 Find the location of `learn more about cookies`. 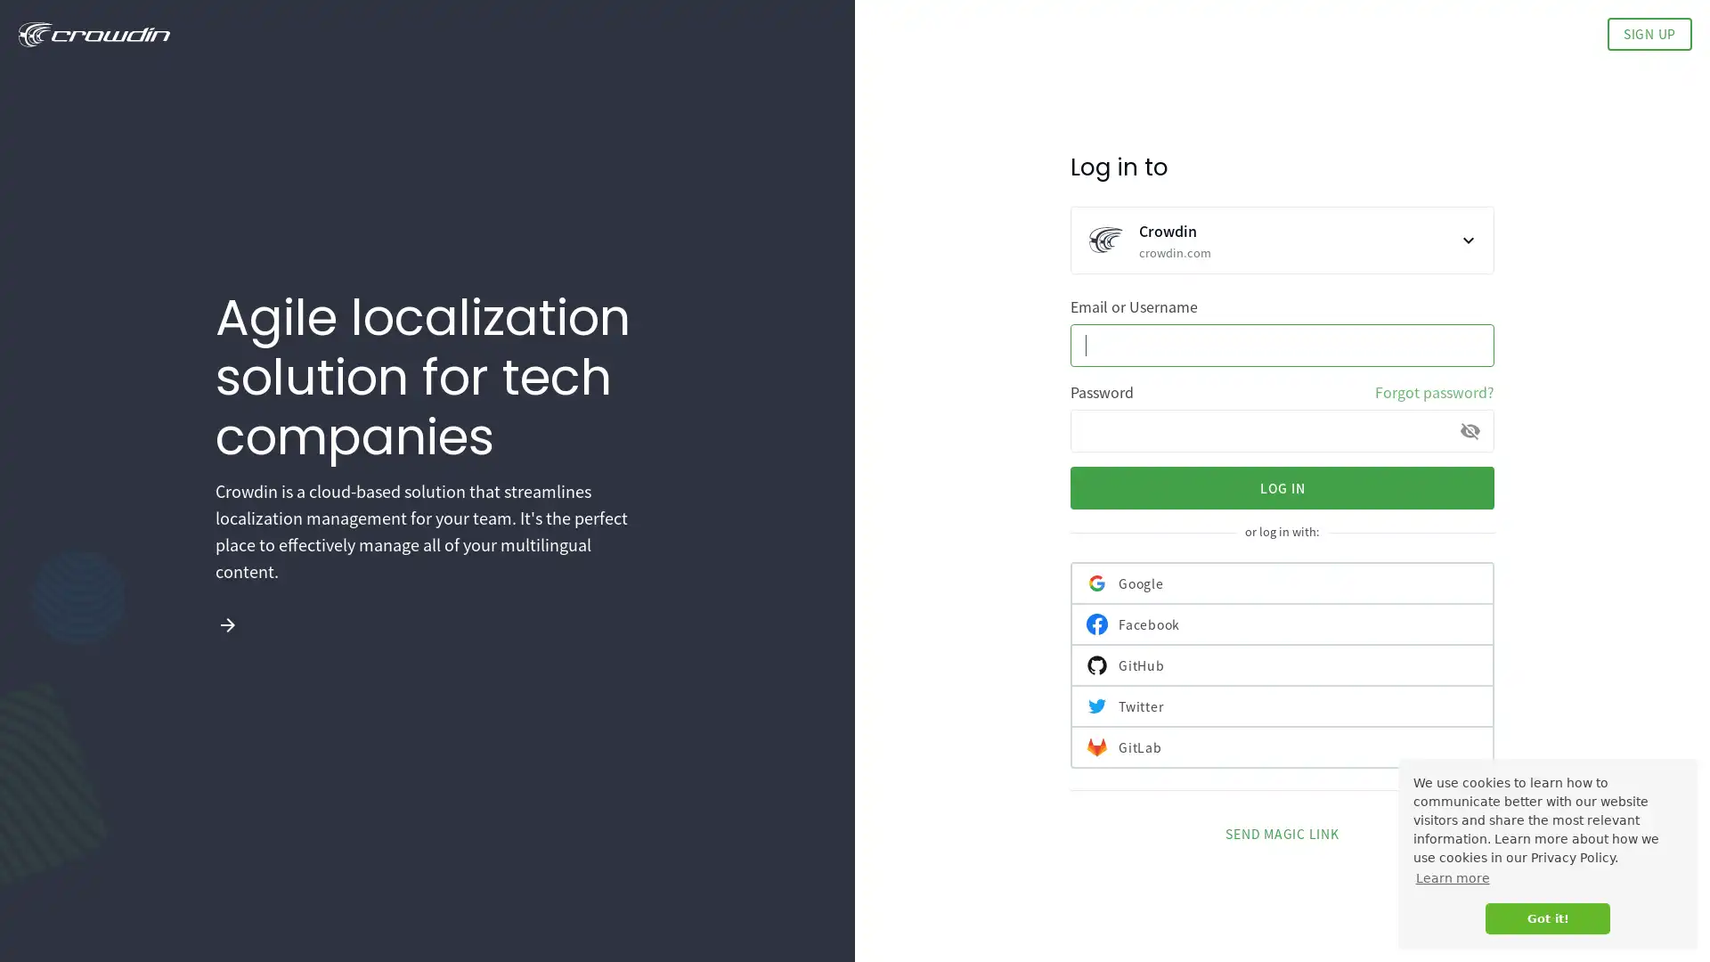

learn more about cookies is located at coordinates (1452, 877).